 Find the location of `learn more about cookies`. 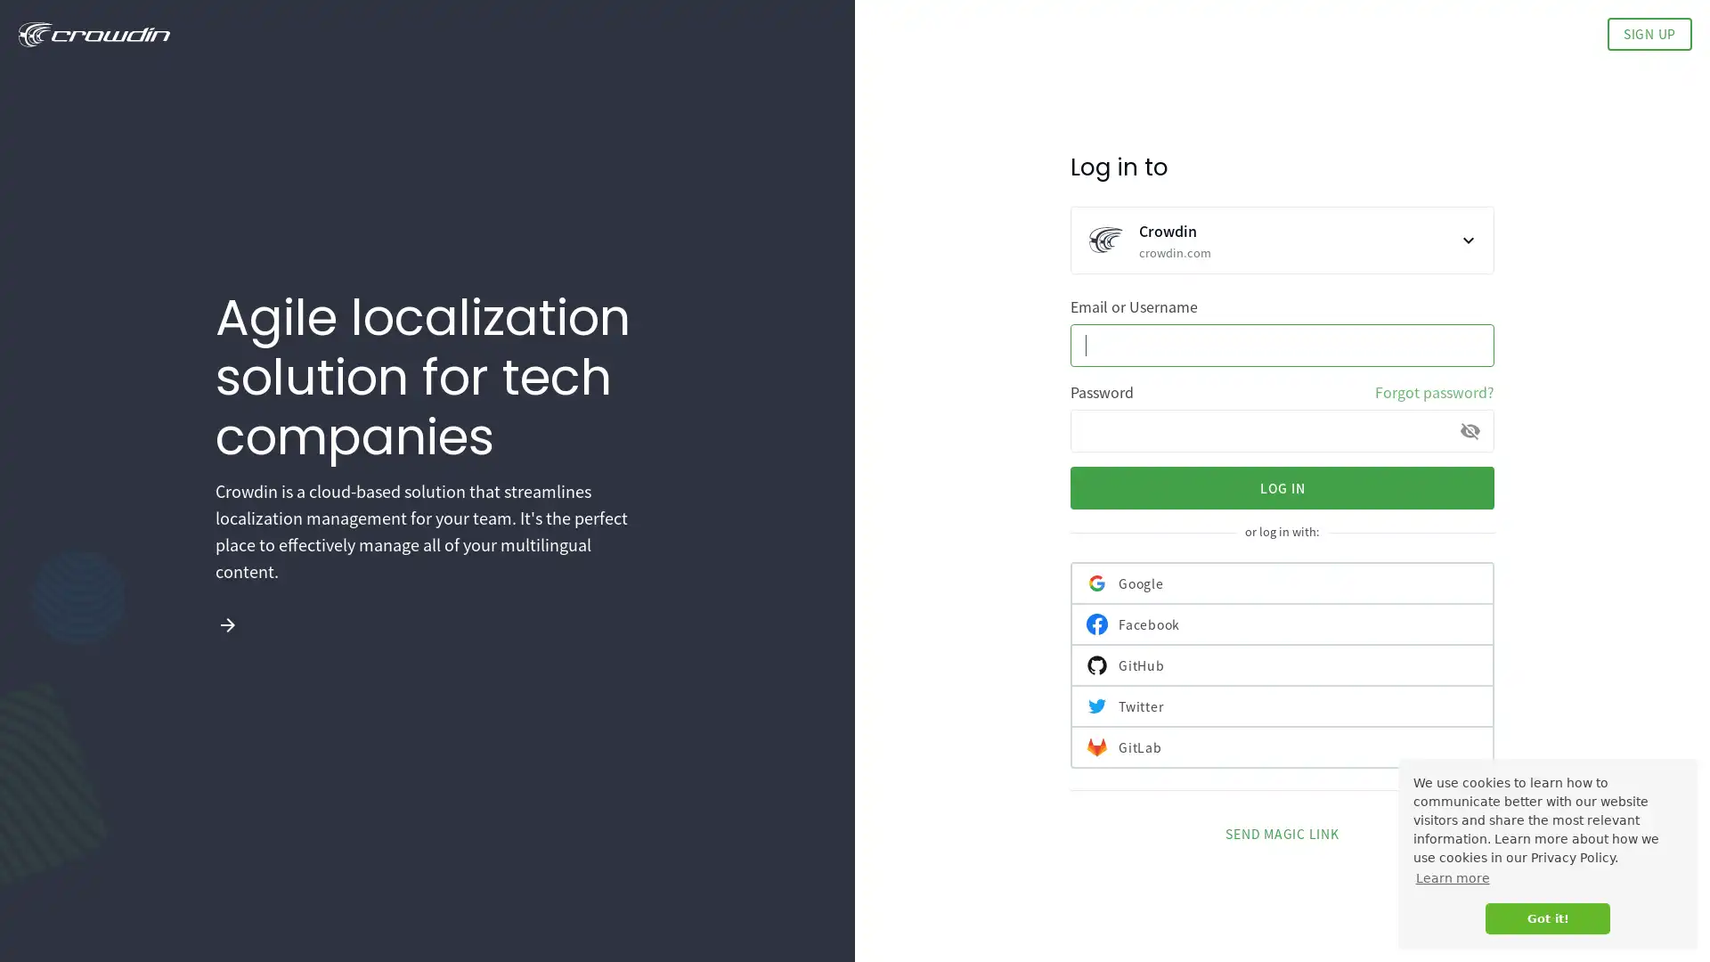

learn more about cookies is located at coordinates (1452, 877).